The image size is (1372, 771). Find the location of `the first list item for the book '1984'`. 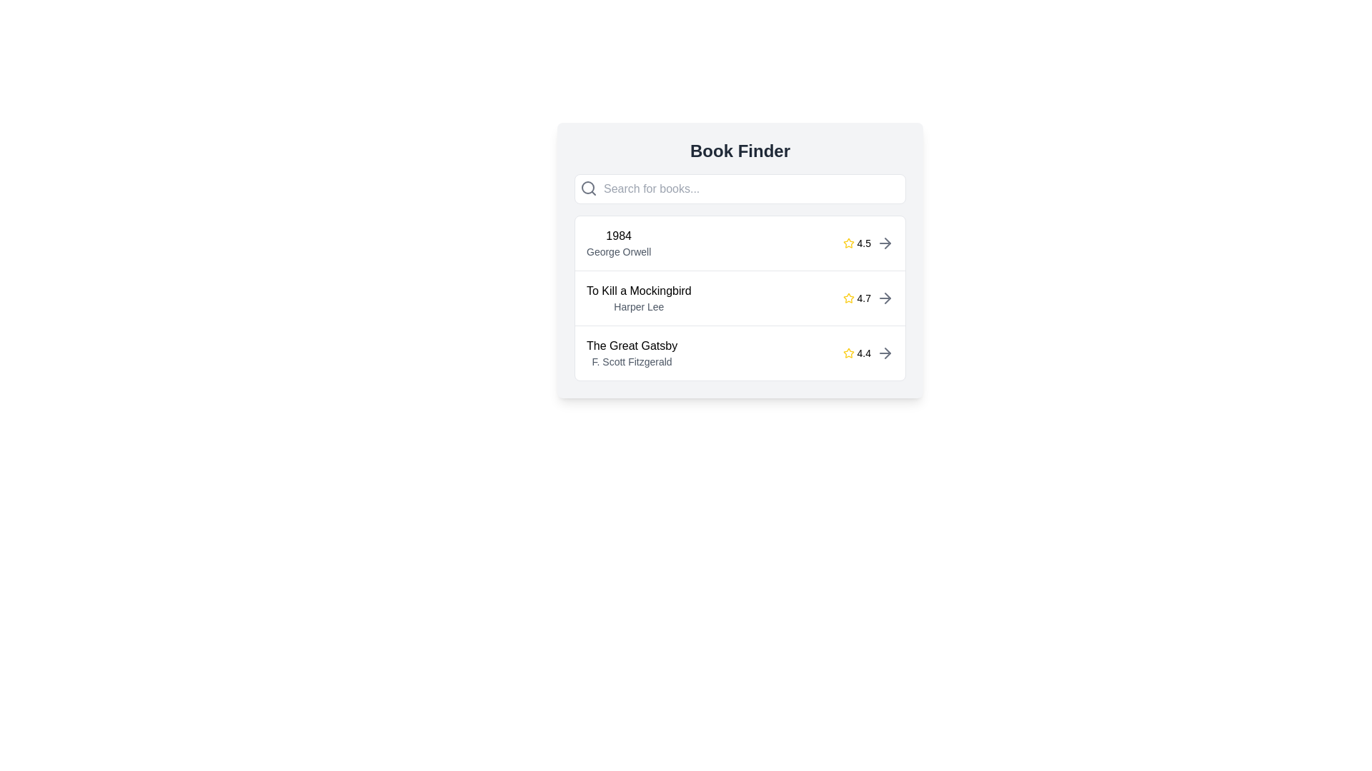

the first list item for the book '1984' is located at coordinates (740, 242).